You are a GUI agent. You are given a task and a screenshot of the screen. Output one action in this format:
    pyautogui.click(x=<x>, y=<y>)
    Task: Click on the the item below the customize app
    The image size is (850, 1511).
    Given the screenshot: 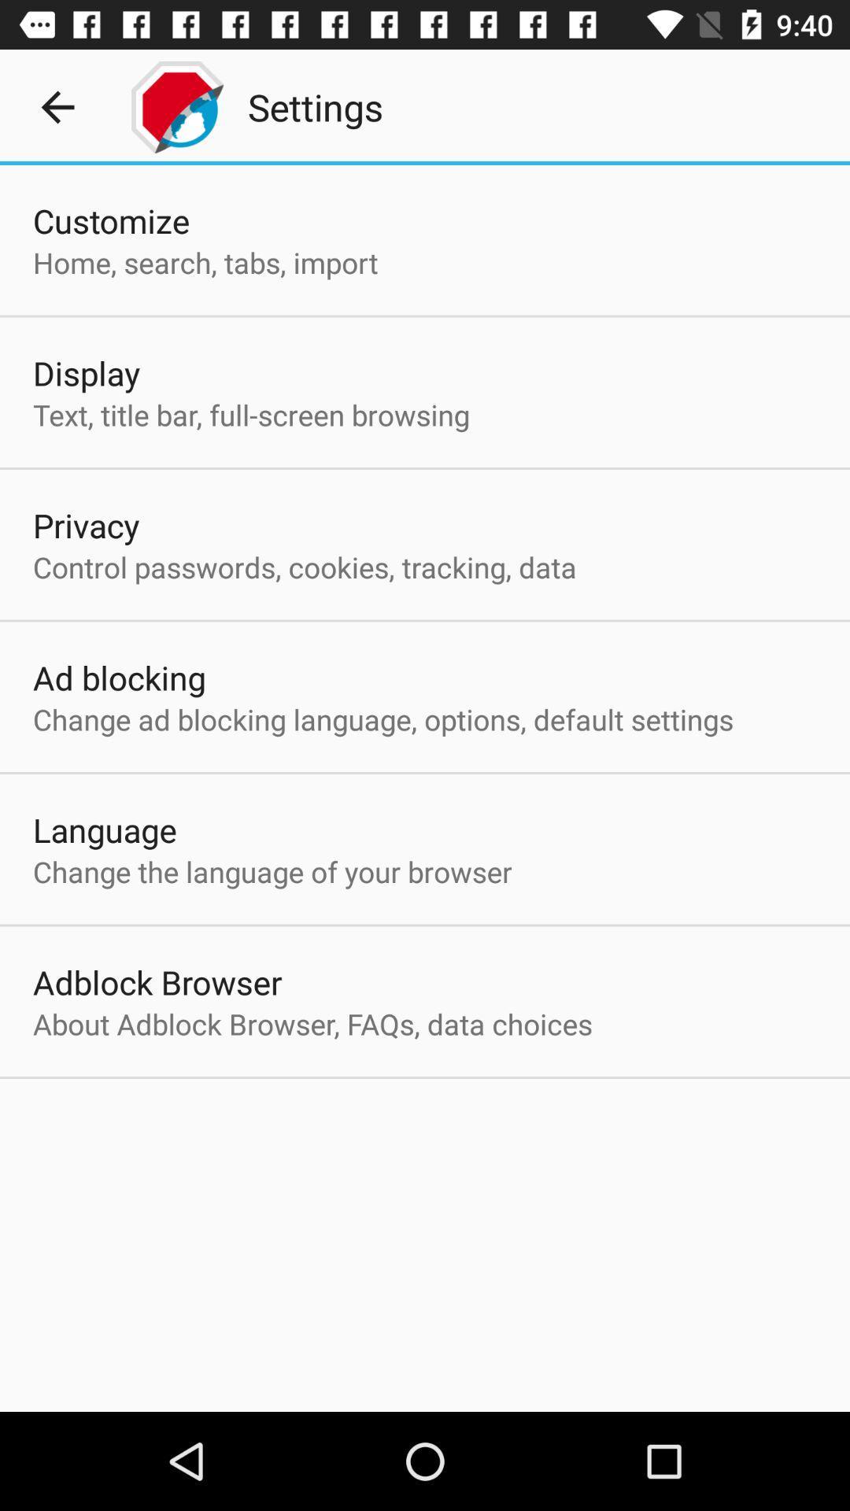 What is the action you would take?
    pyautogui.click(x=205, y=262)
    